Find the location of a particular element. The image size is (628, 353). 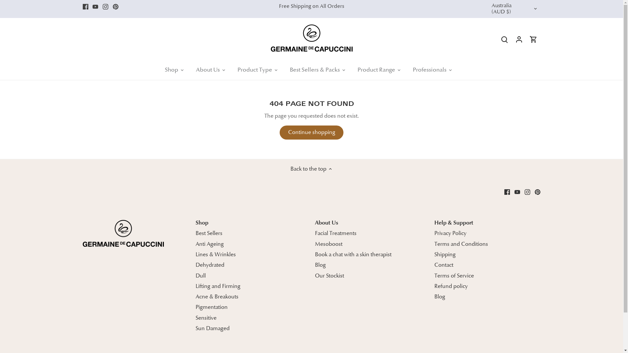

'Pigmentation' is located at coordinates (212, 307).